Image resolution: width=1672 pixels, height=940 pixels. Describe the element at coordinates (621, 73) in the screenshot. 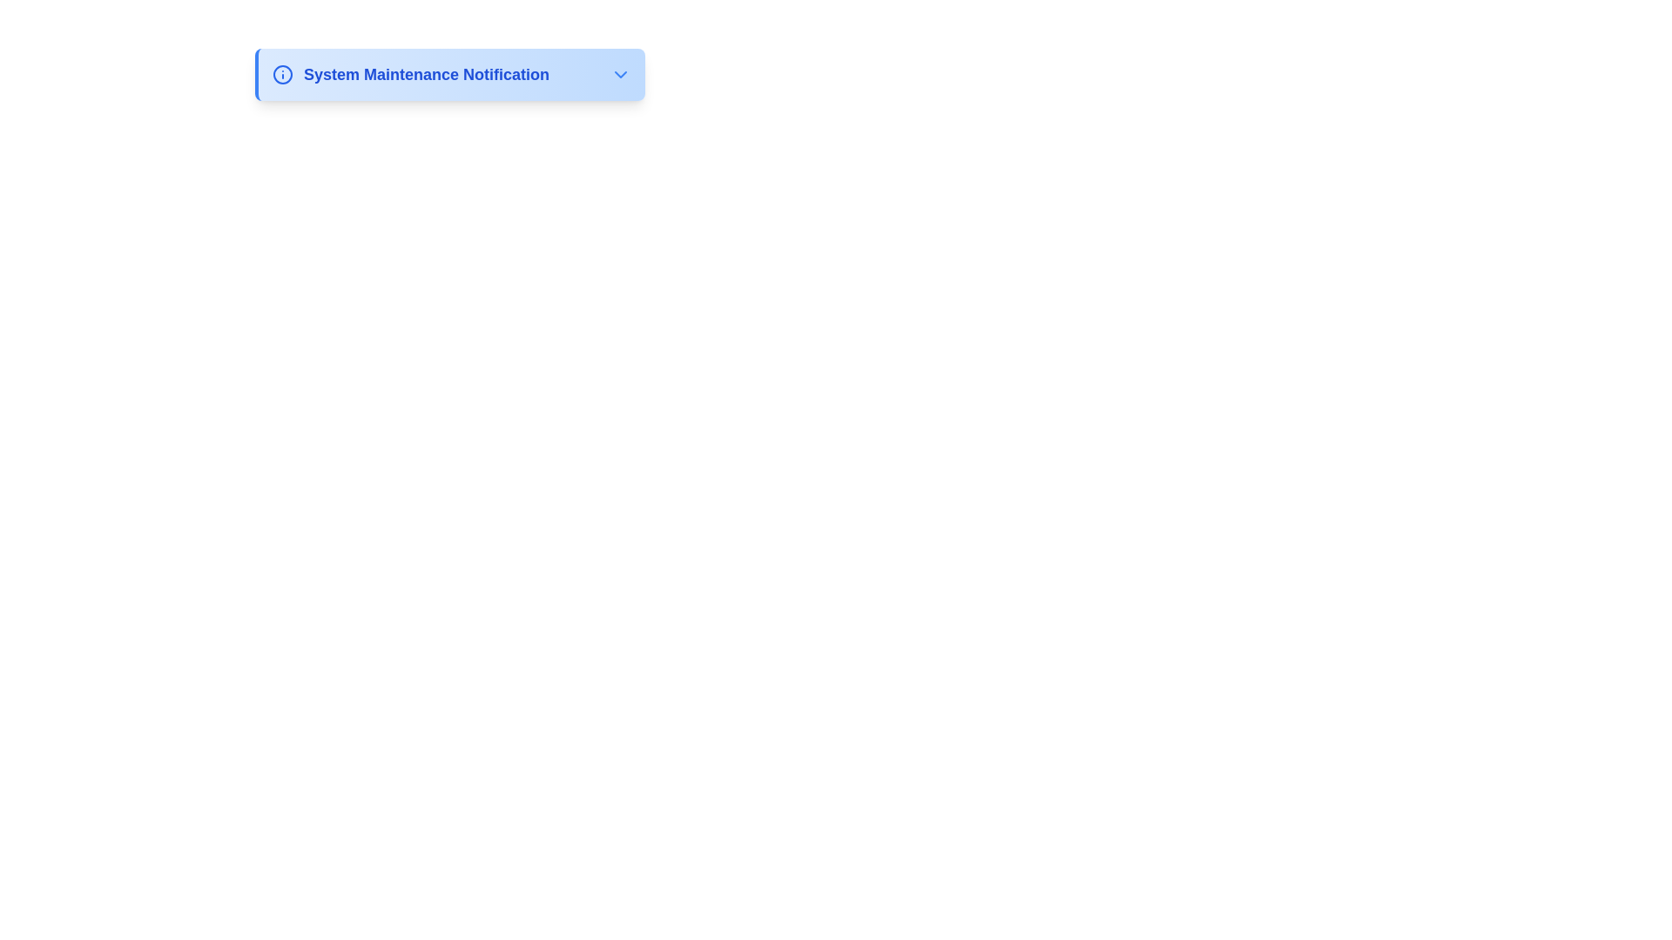

I see `chevron button to toggle the alert's expanded state` at that location.